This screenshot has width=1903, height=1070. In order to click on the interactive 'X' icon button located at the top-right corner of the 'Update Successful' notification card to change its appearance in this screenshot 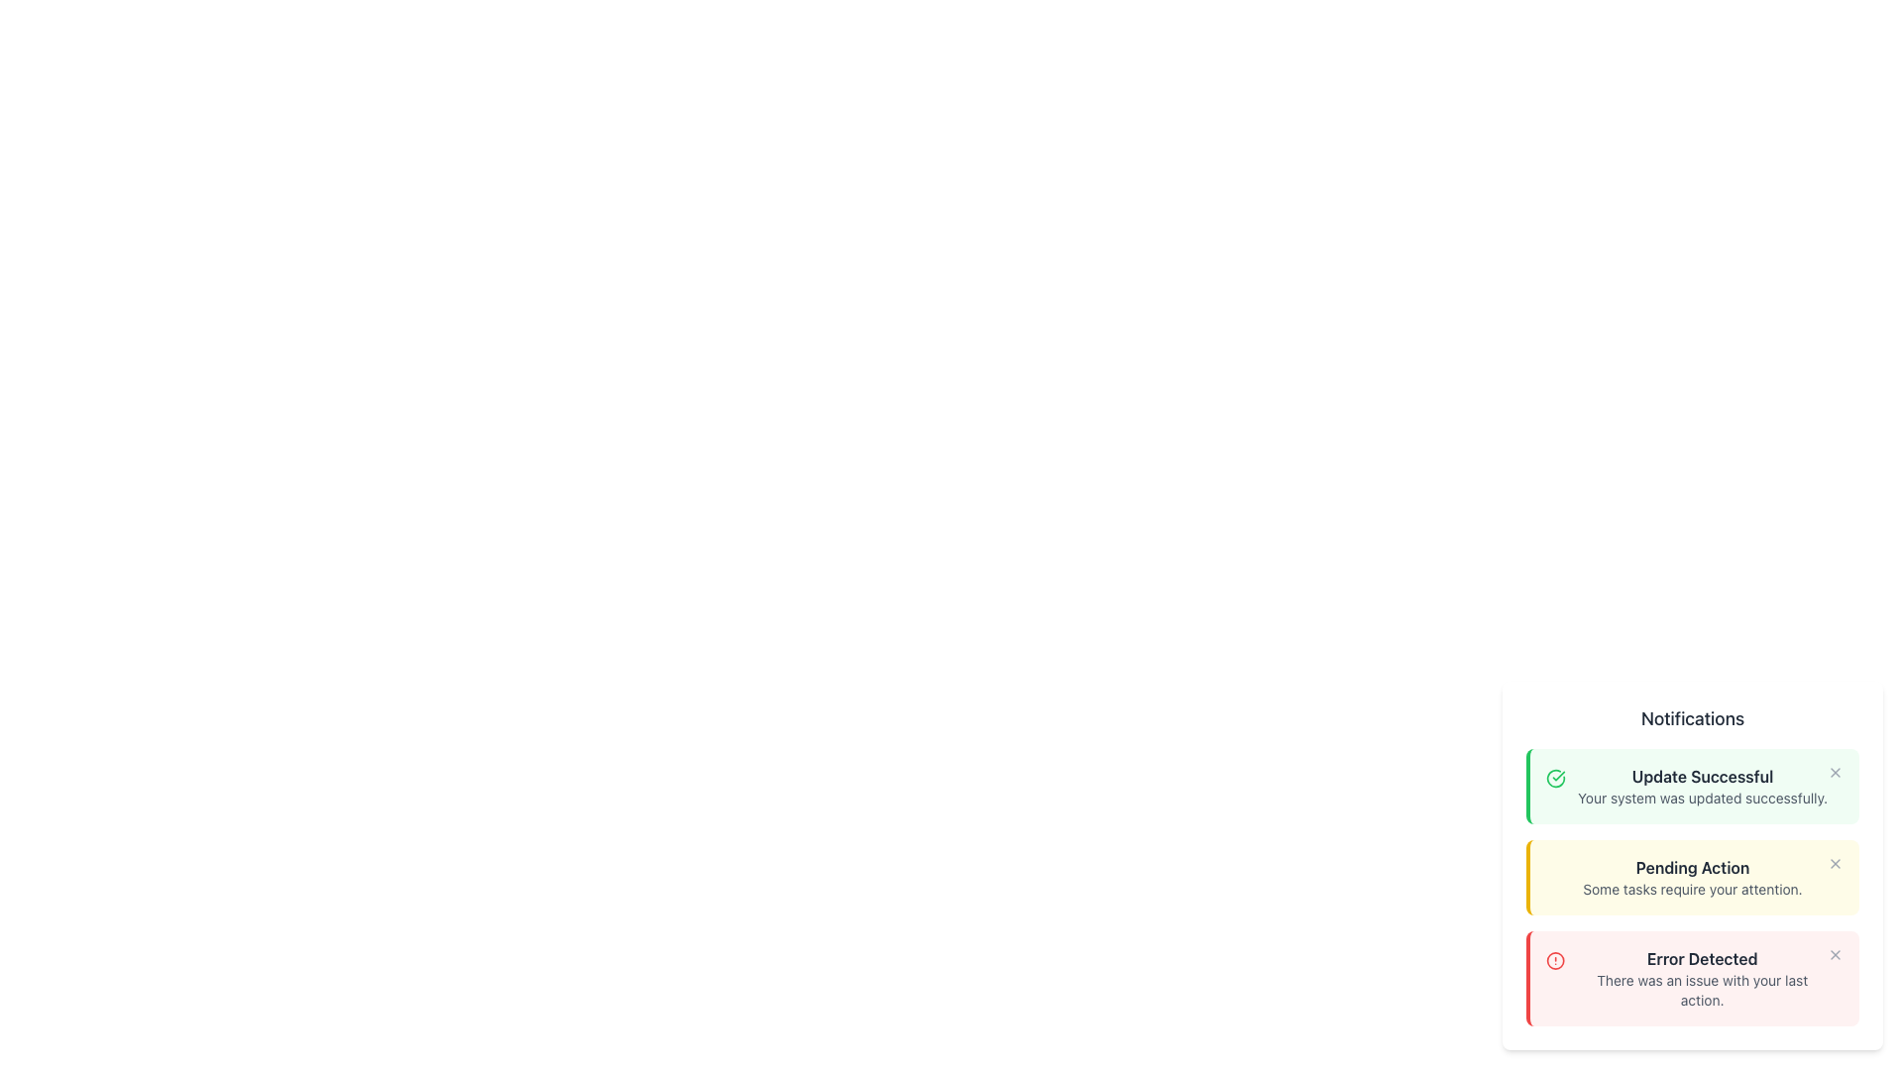, I will do `click(1835, 771)`.